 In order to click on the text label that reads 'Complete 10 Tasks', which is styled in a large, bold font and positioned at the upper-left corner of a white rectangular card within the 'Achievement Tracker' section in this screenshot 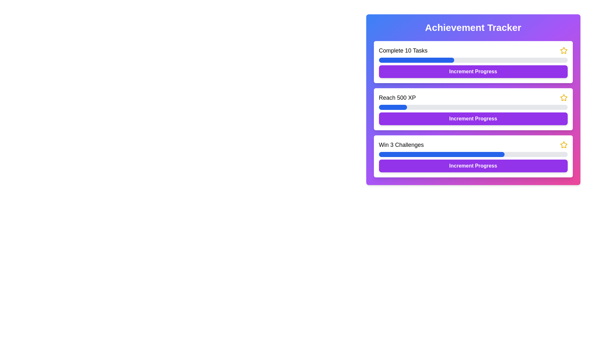, I will do `click(403, 50)`.